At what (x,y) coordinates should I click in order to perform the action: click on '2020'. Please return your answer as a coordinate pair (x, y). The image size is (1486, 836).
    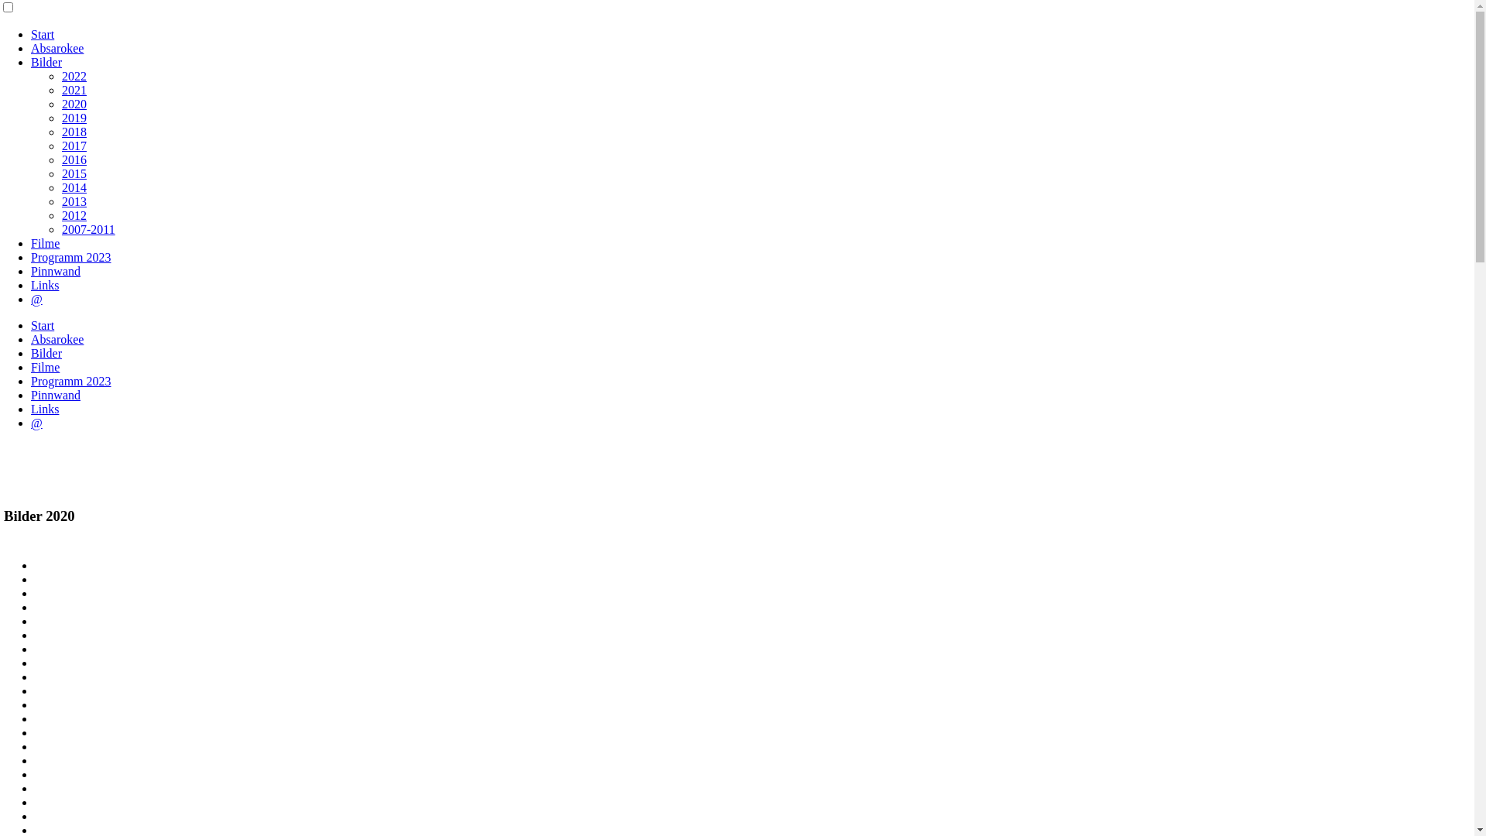
    Looking at the image, I should click on (74, 104).